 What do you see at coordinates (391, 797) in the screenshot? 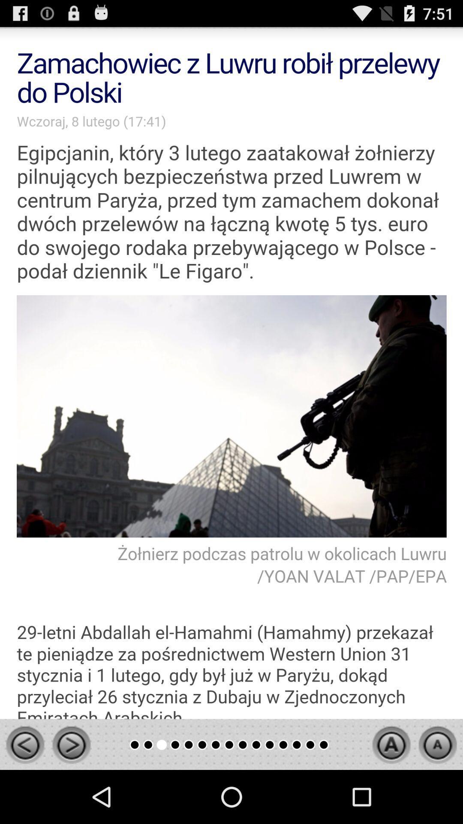
I see `the arrow_upward icon` at bounding box center [391, 797].